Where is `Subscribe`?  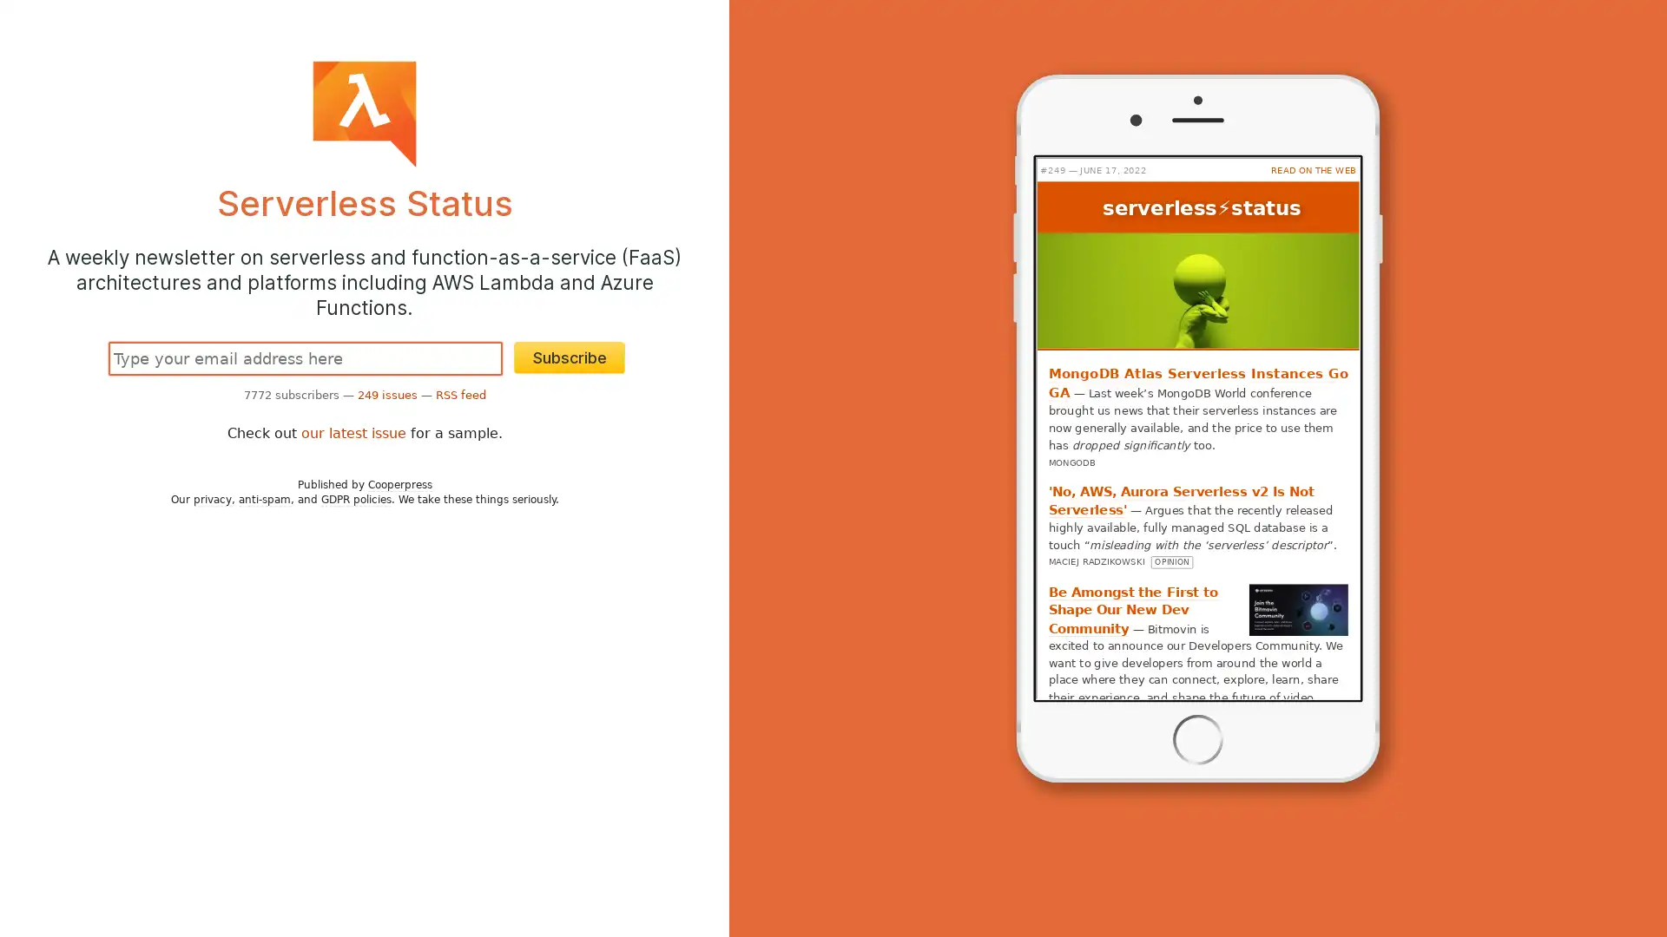 Subscribe is located at coordinates (570, 356).